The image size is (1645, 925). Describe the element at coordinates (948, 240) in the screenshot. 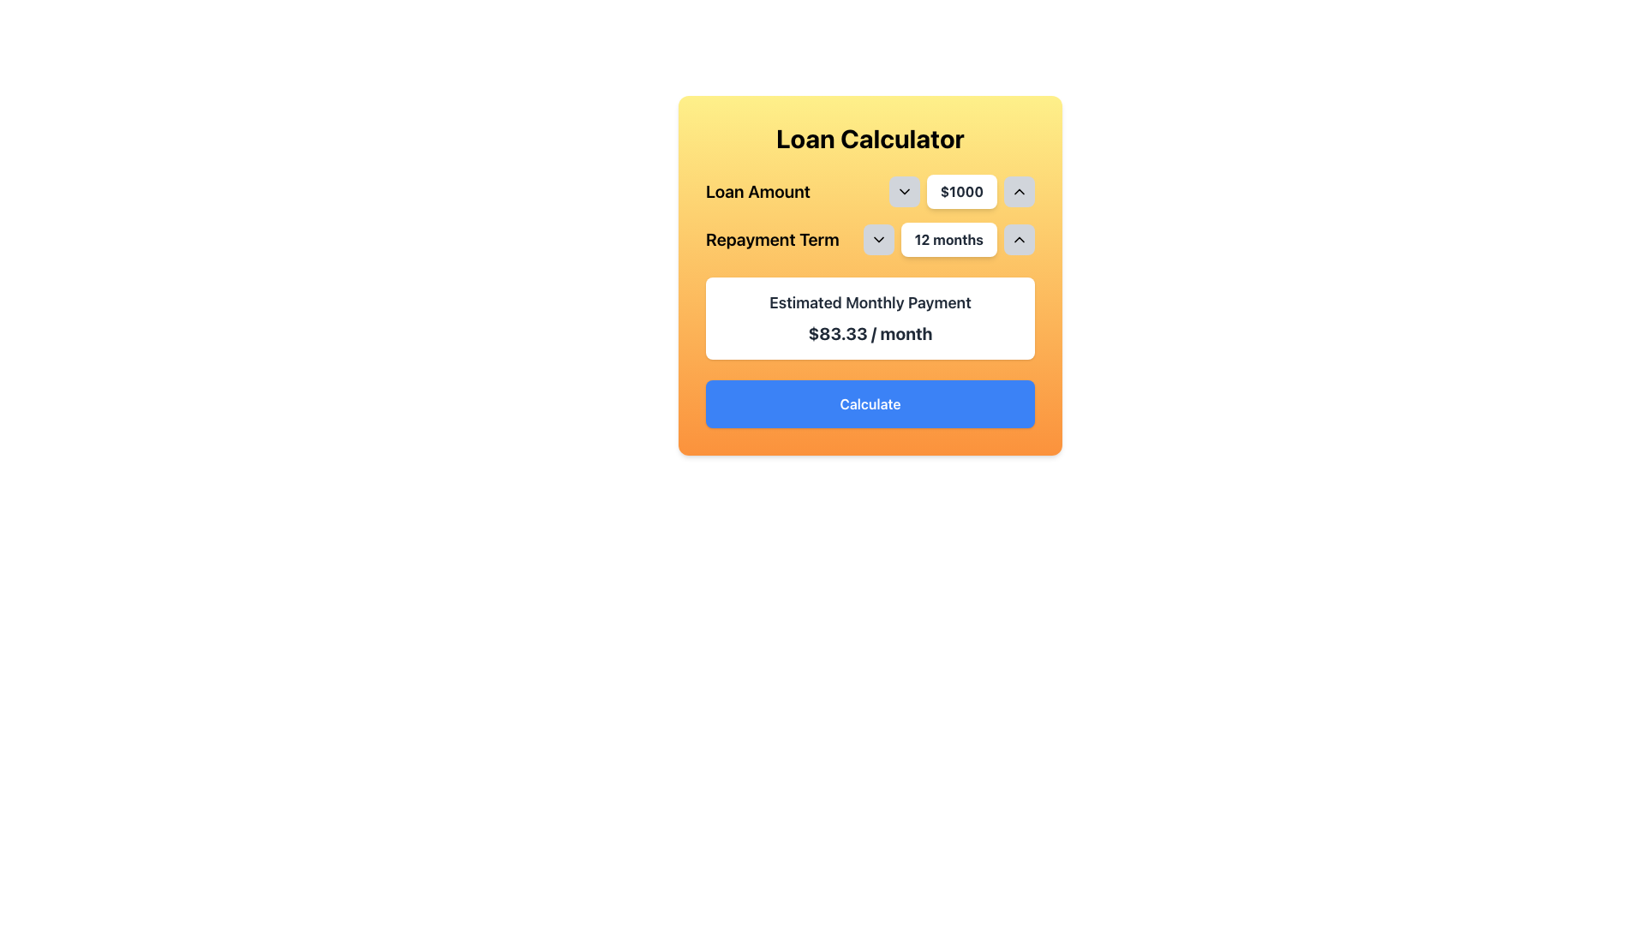

I see `the numeric value display element styled in bold text inside a rounded white button, located at the center of the row labeled 'Repayment Term.'` at that location.